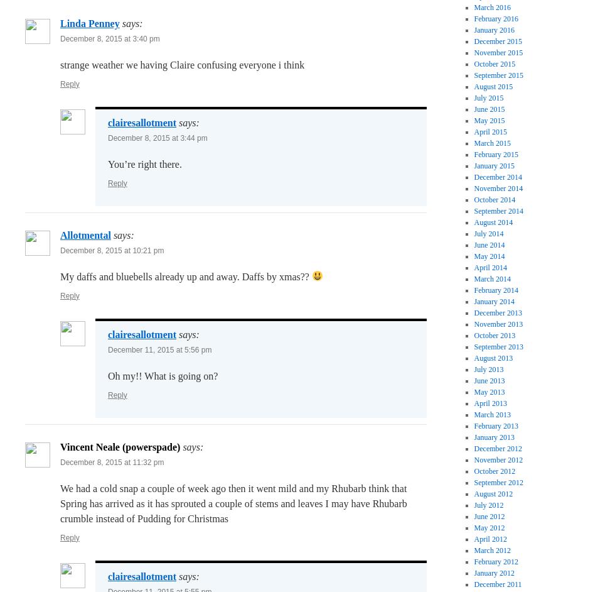 The height and width of the screenshot is (592, 615). I want to click on 'January 2014', so click(494, 302).